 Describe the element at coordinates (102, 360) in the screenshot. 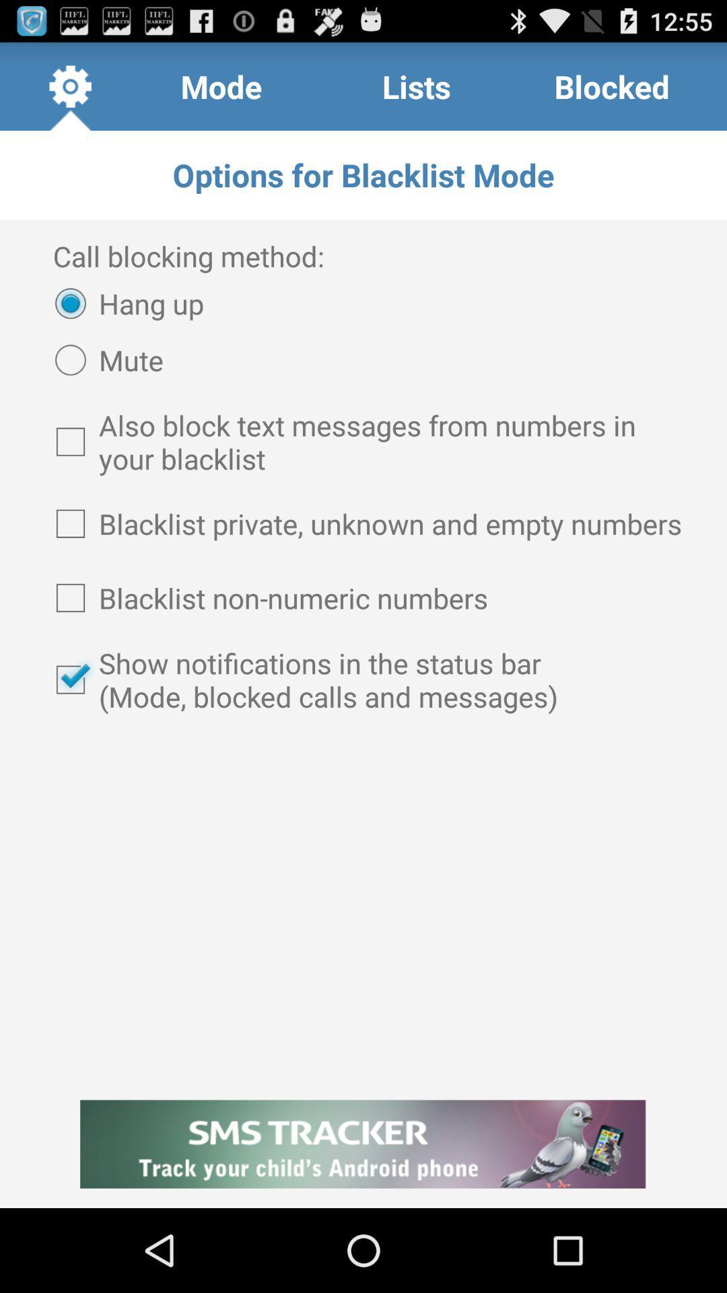

I see `the item below the hang up radio button` at that location.